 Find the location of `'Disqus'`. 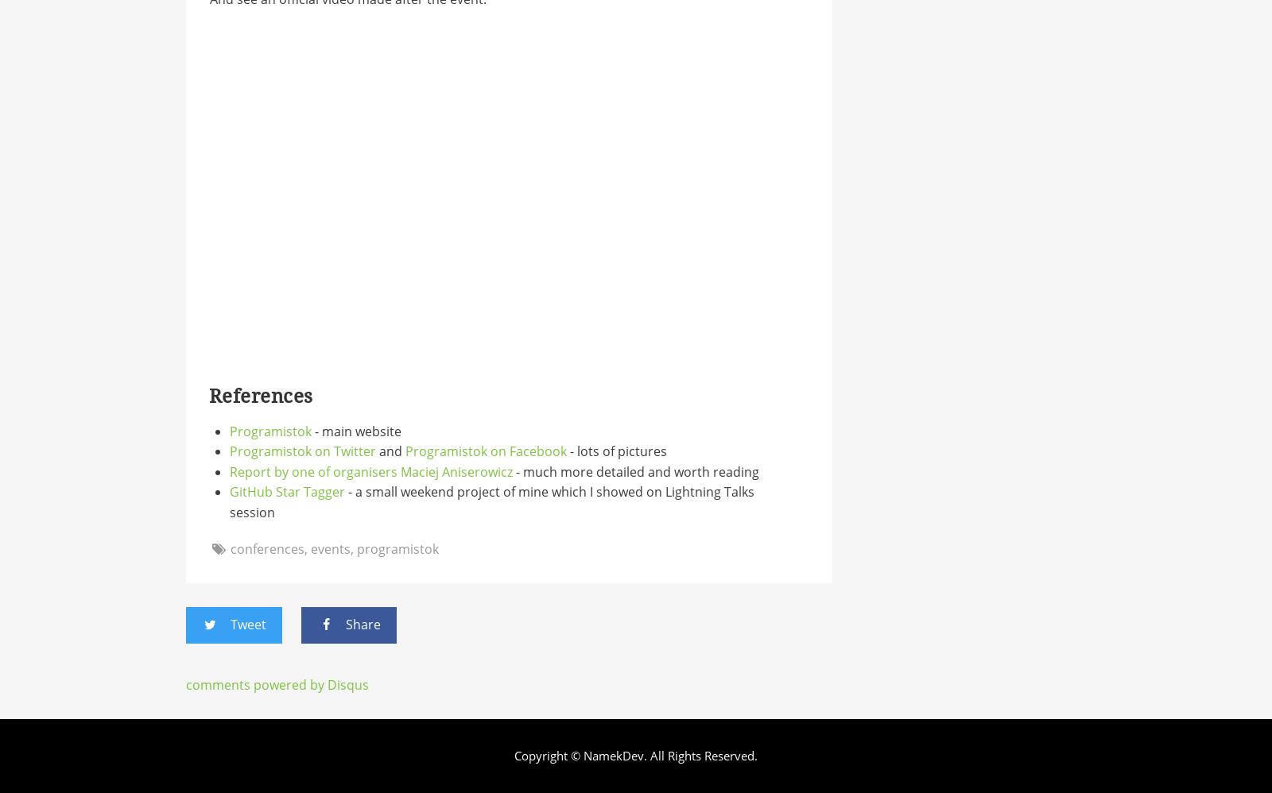

'Disqus' is located at coordinates (346, 683).